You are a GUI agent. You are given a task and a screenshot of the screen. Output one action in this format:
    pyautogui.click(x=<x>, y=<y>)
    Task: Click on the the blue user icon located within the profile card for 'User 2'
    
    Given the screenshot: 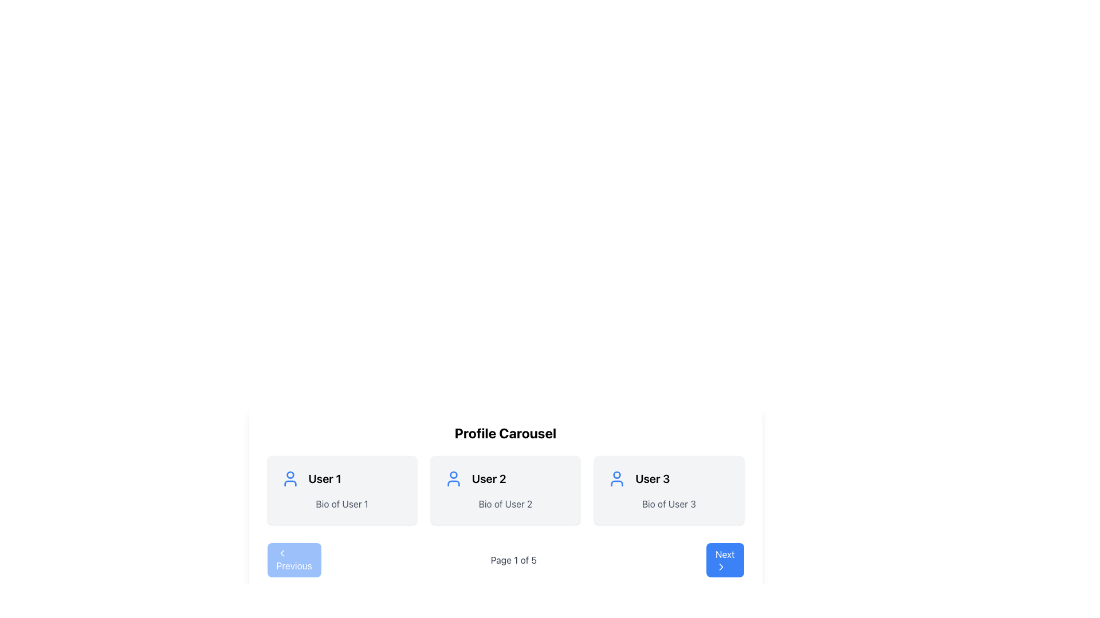 What is the action you would take?
    pyautogui.click(x=453, y=479)
    